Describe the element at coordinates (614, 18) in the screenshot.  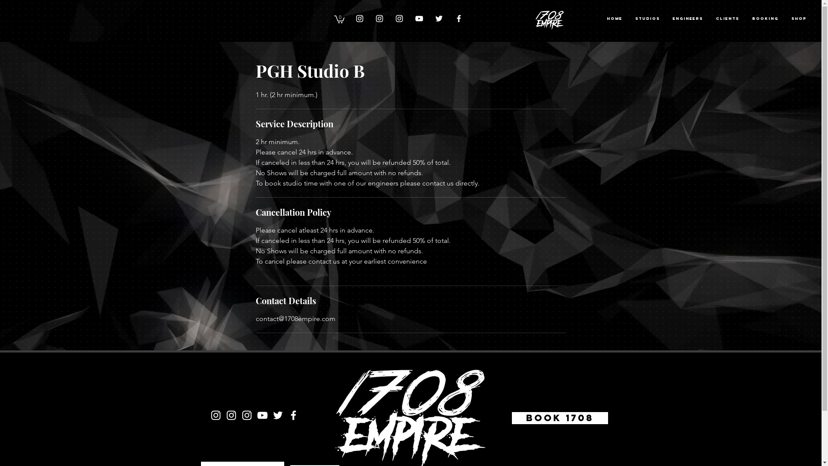
I see `'Home'` at that location.